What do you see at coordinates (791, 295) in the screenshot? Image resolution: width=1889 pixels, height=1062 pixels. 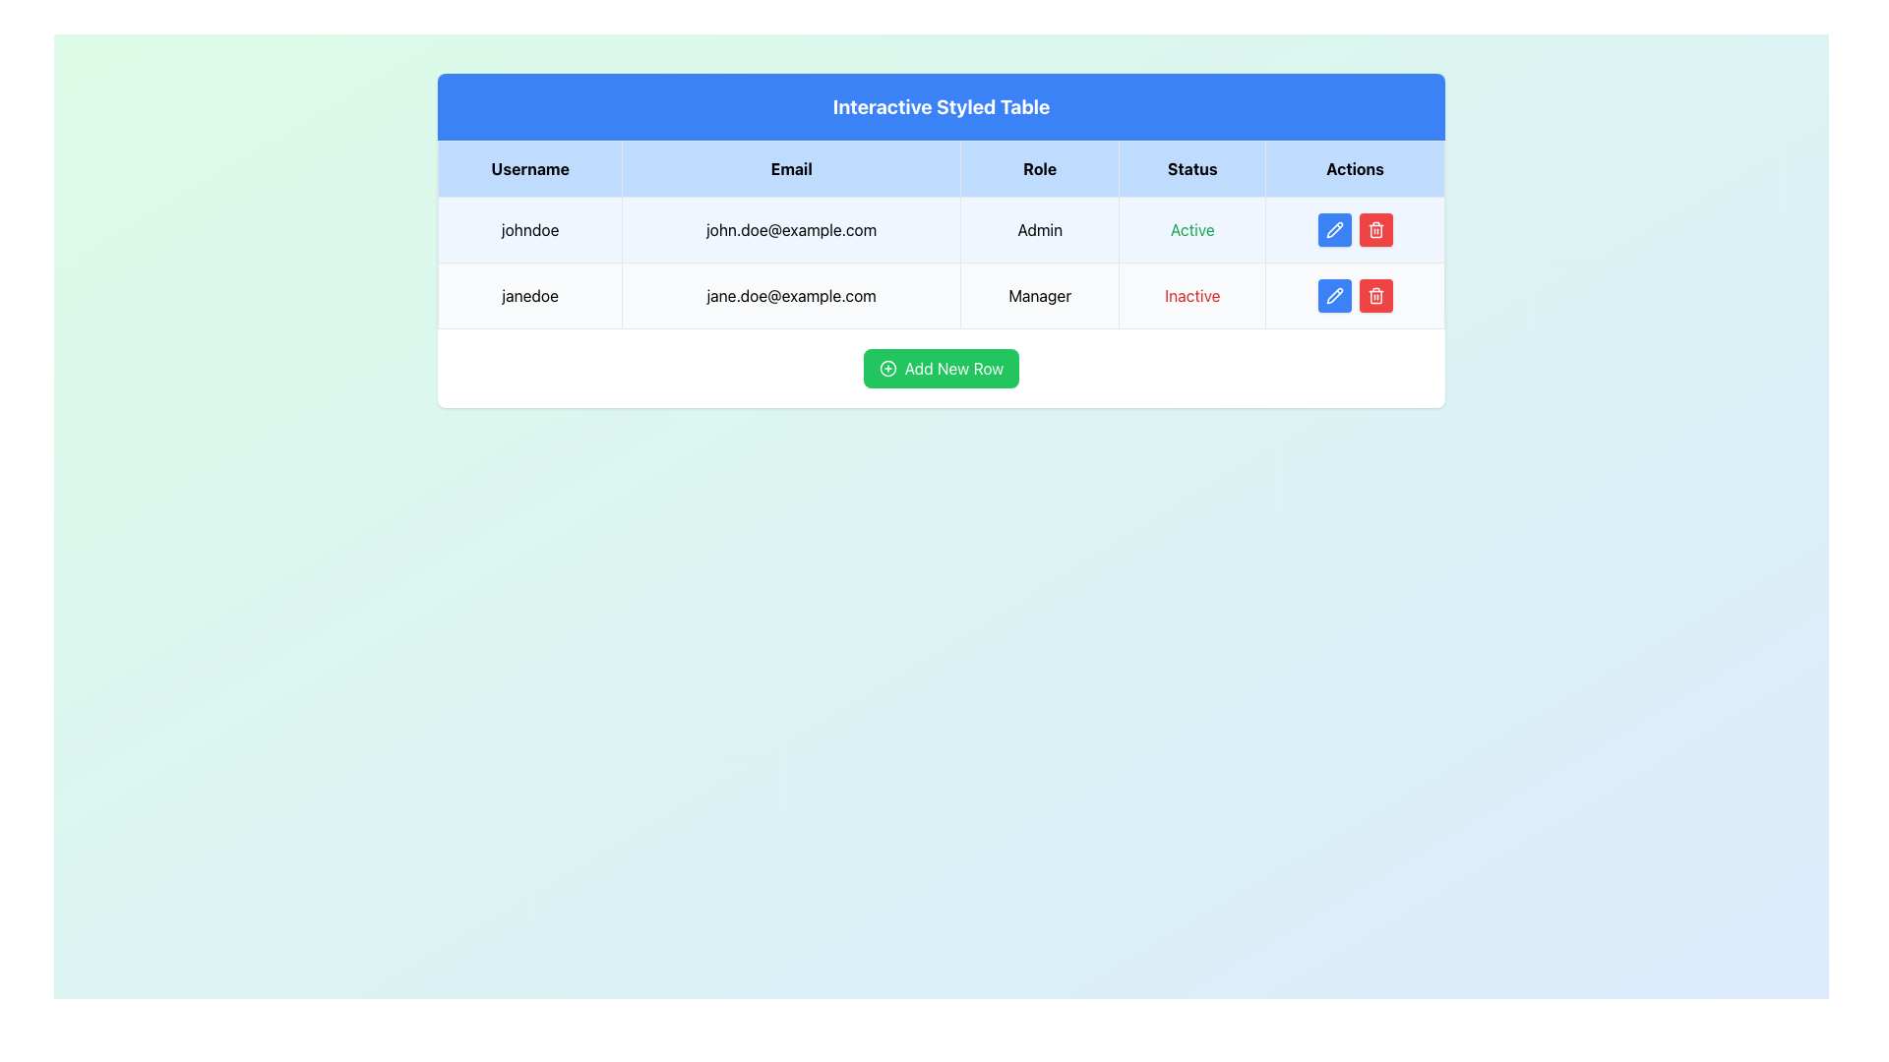 I see `the email address element located in the second row of the table, which serves as a reference for the user's email` at bounding box center [791, 295].